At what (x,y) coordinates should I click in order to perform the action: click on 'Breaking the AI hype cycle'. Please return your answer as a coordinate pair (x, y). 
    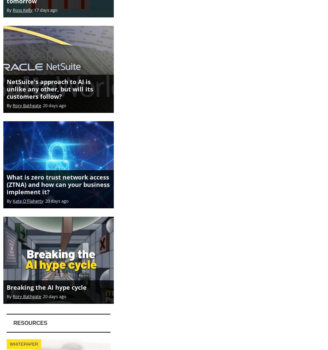
    Looking at the image, I should click on (47, 280).